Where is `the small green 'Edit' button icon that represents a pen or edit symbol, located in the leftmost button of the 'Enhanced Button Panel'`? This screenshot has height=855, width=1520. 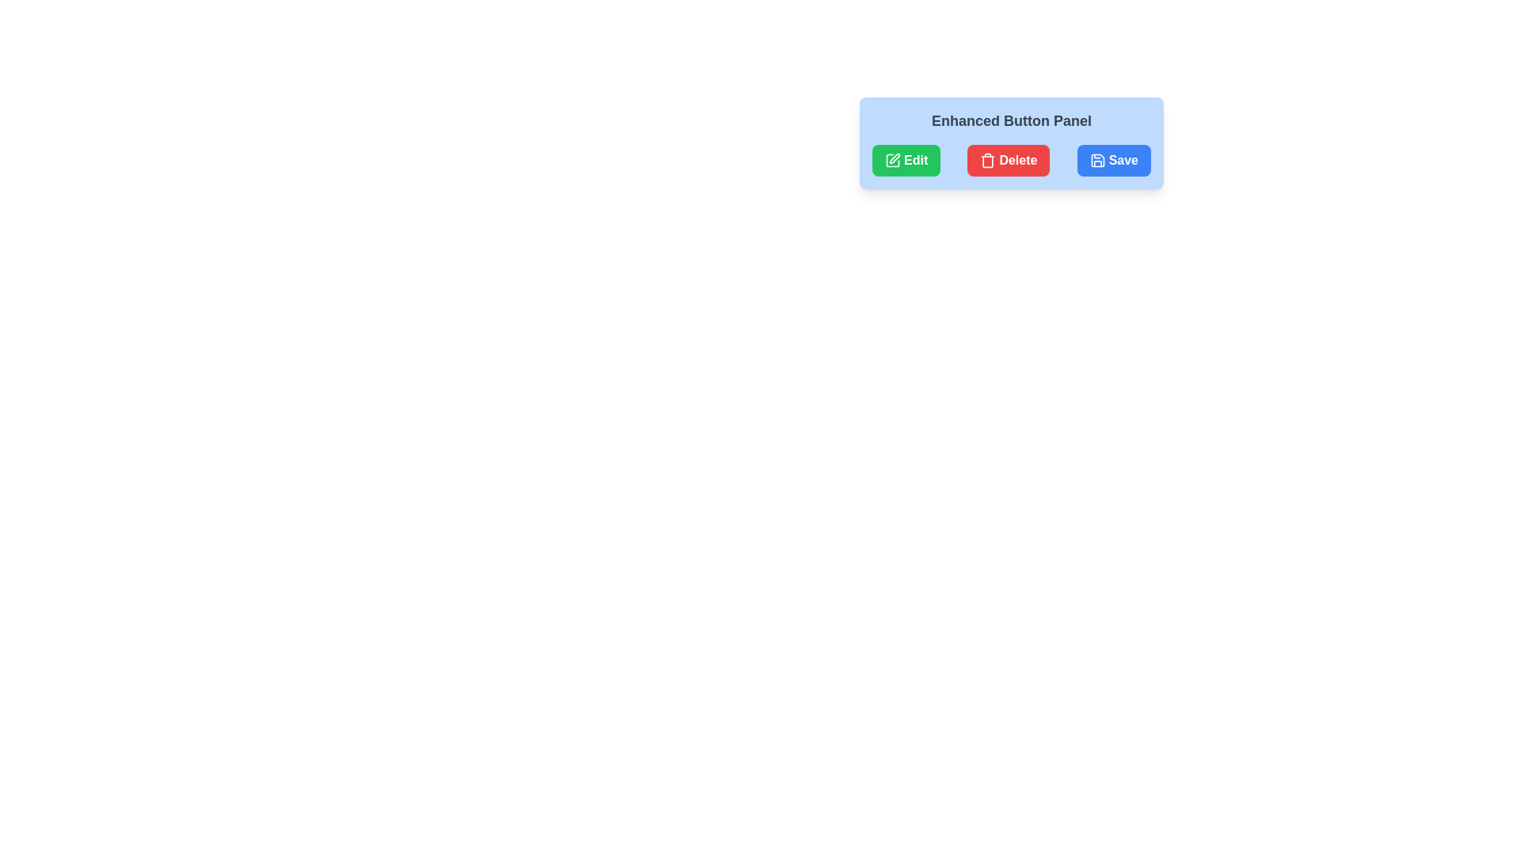
the small green 'Edit' button icon that represents a pen or edit symbol, located in the leftmost button of the 'Enhanced Button Panel' is located at coordinates (895, 158).